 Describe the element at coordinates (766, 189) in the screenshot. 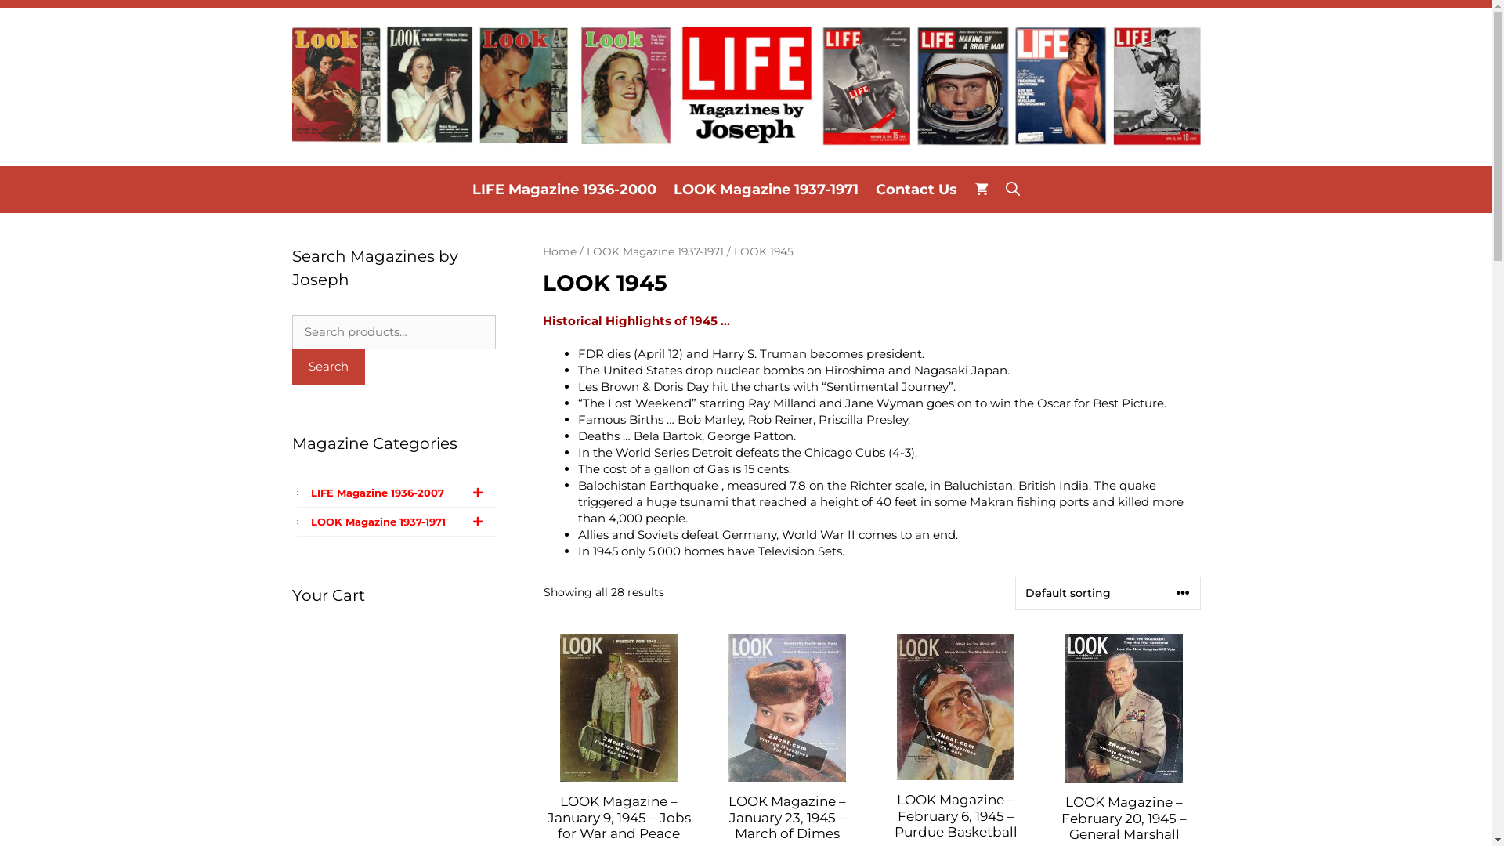

I see `'LOOK Magazine 1937-1971'` at that location.